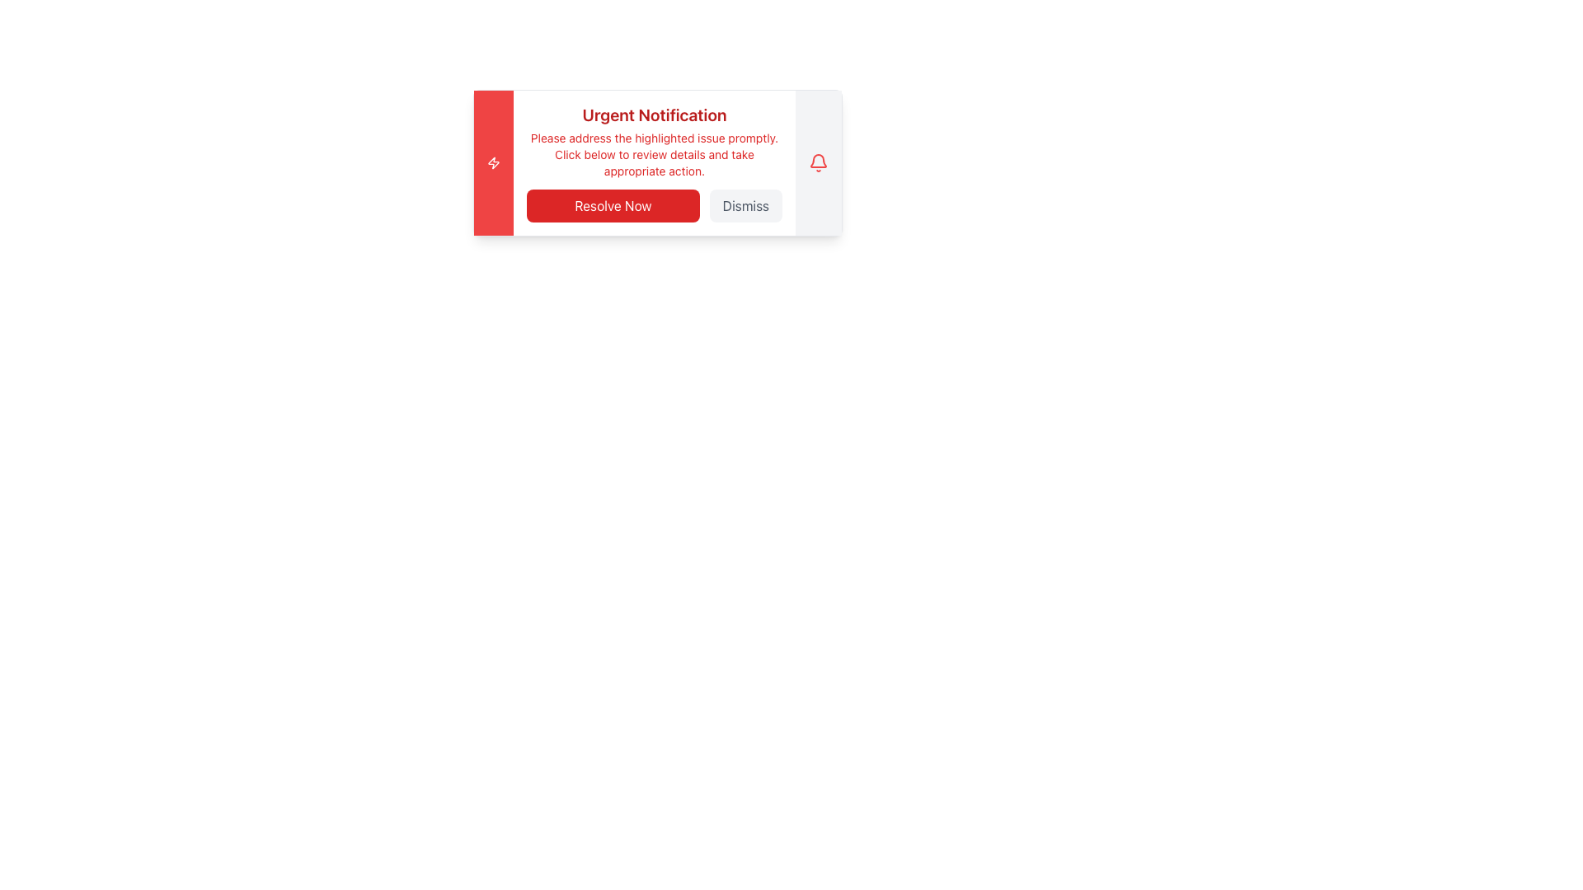 The width and height of the screenshot is (1583, 890). Describe the element at coordinates (653, 114) in the screenshot. I see `the text label 'Urgent Notification' displayed in bold red font at the top of the notification card` at that location.